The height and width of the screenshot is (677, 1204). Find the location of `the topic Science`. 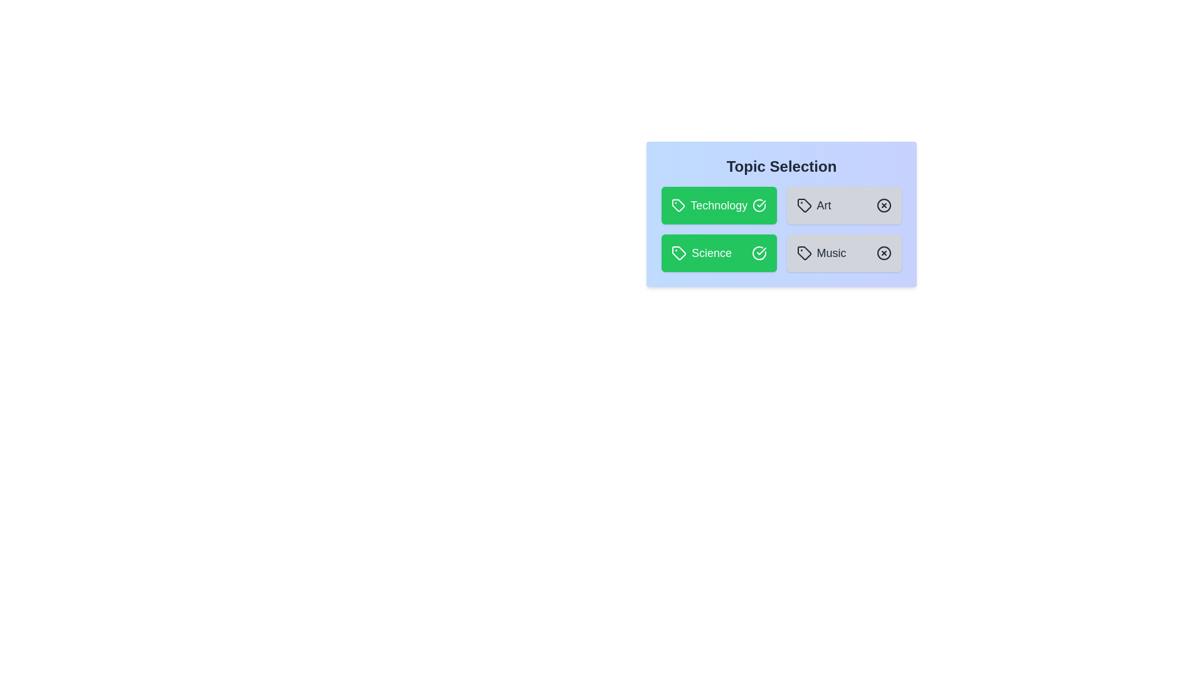

the topic Science is located at coordinates (719, 253).